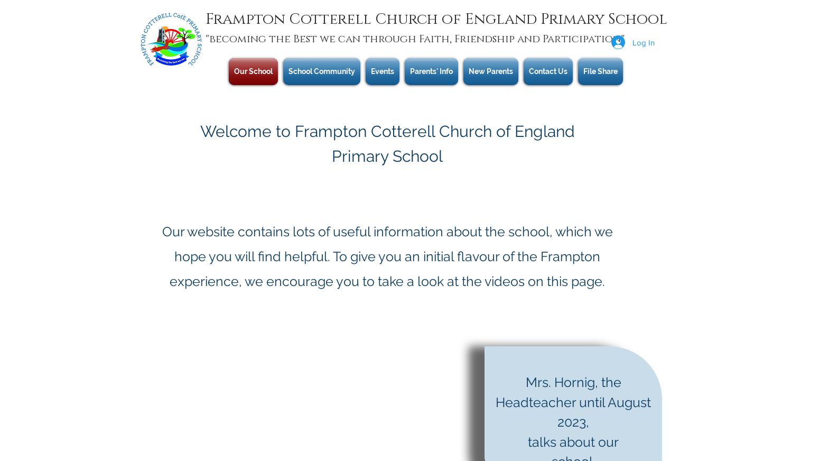  Describe the element at coordinates (491, 71) in the screenshot. I see `'New Parents'` at that location.